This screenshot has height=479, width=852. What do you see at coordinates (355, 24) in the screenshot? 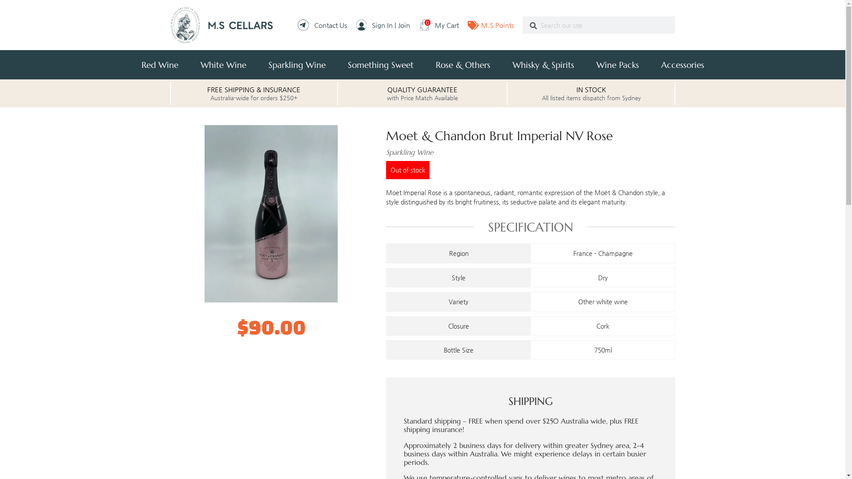
I see `'Sign In | Join'` at bounding box center [355, 24].